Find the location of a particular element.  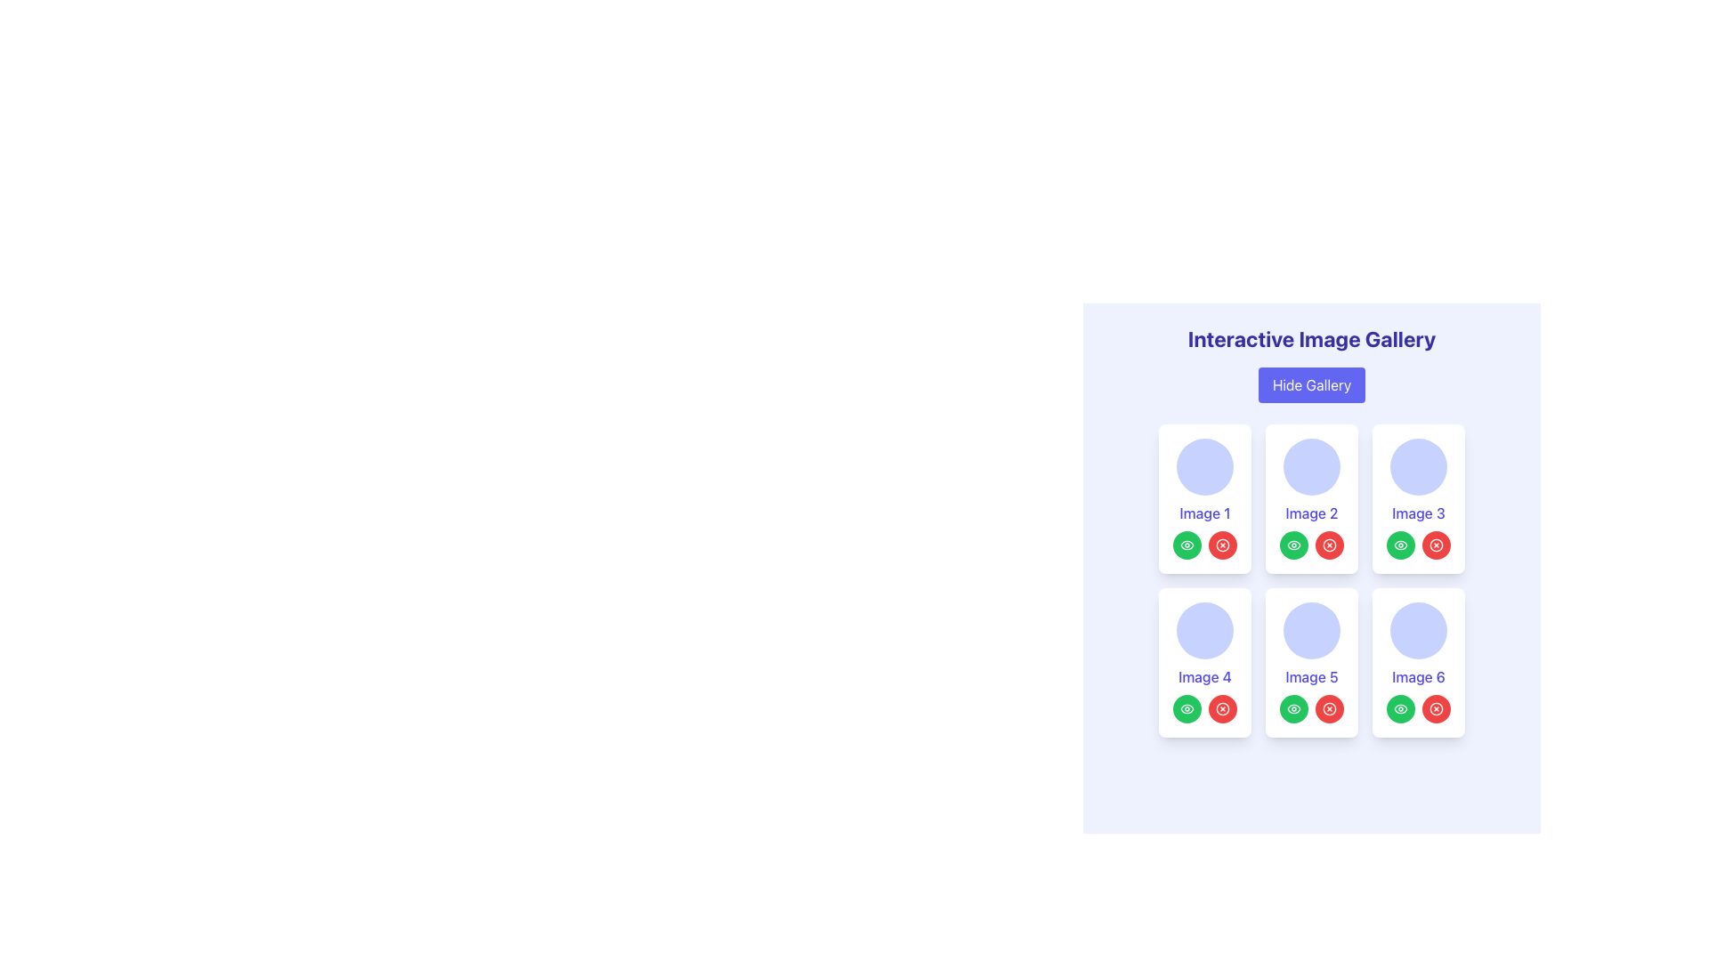

the circular red button with a white border and an 'X' icon located in the card labeled 'Image 1', which is positioned in the first row and first column of the layout is located at coordinates (1221, 545).